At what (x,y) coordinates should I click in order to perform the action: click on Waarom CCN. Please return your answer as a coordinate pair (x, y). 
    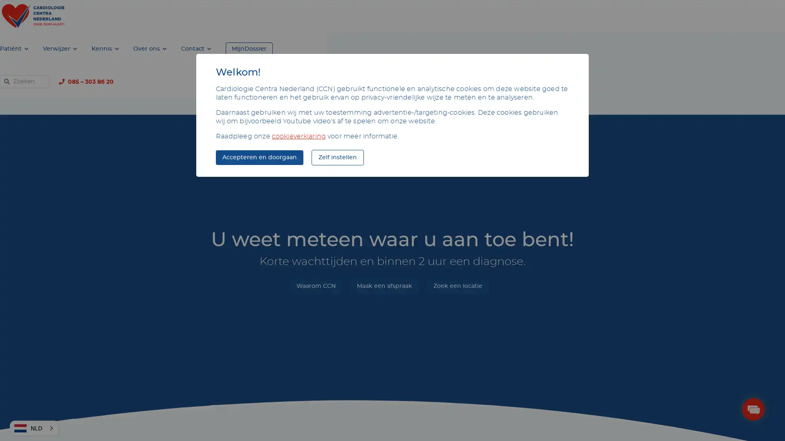
    Looking at the image, I should click on (315, 253).